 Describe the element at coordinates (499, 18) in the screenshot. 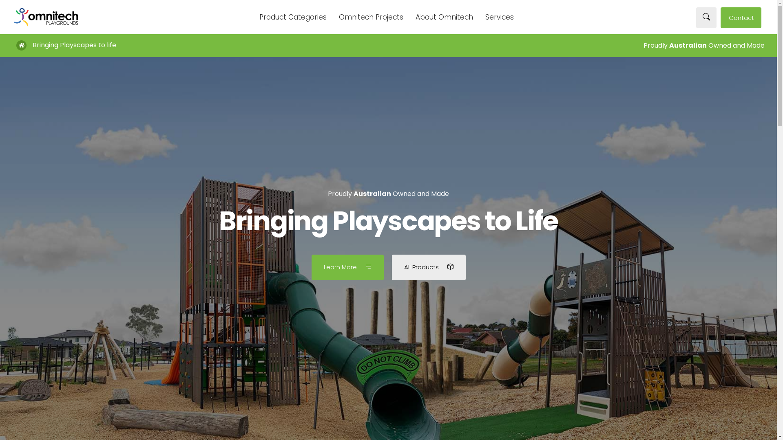

I see `'Services'` at that location.